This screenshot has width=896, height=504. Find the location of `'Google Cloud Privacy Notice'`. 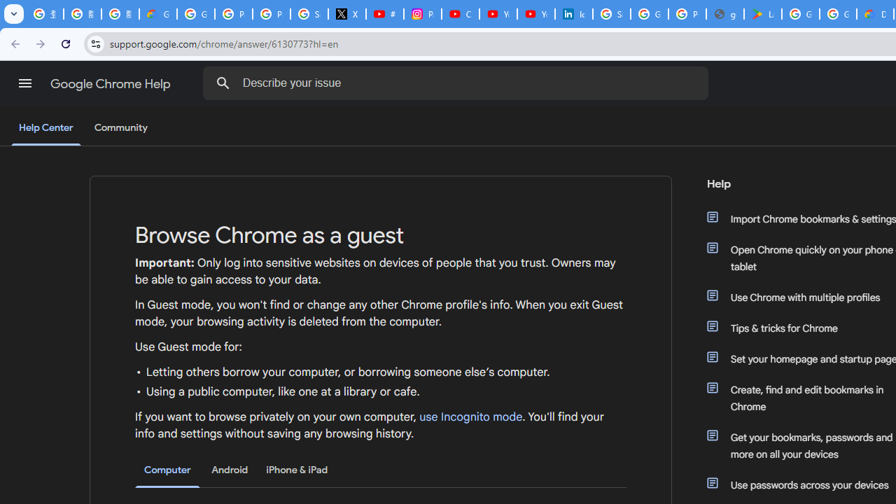

'Google Cloud Privacy Notice' is located at coordinates (157, 14).